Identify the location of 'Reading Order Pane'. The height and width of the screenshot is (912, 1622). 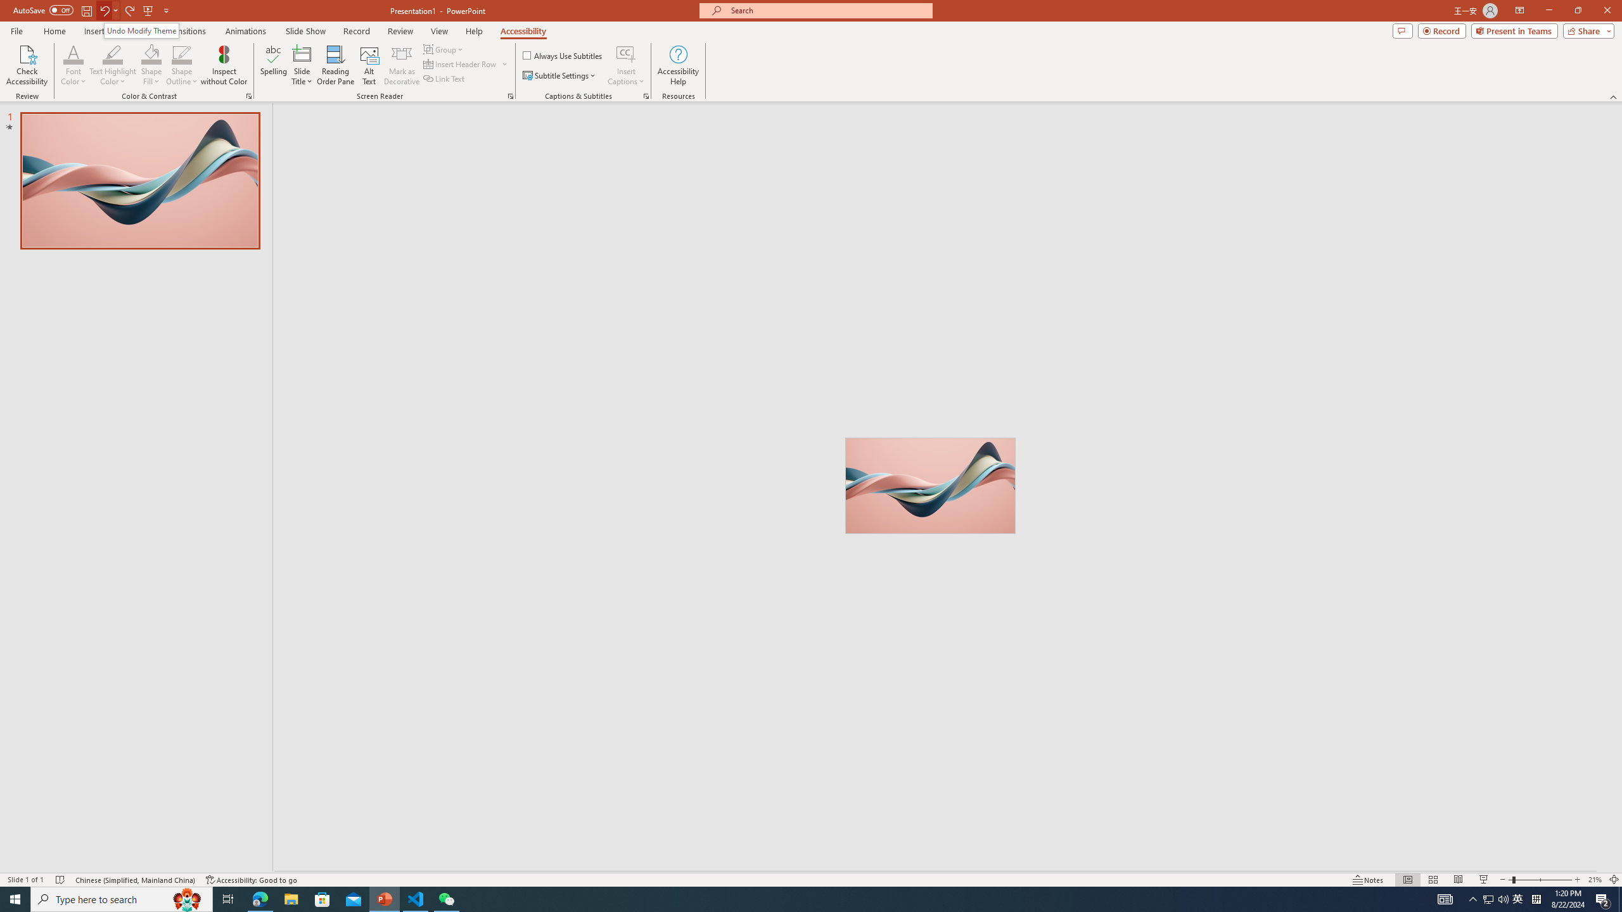
(336, 65).